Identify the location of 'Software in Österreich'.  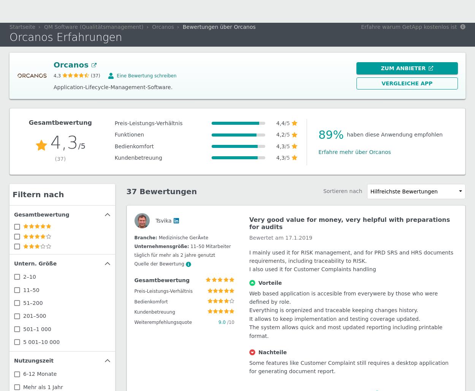
(106, 14).